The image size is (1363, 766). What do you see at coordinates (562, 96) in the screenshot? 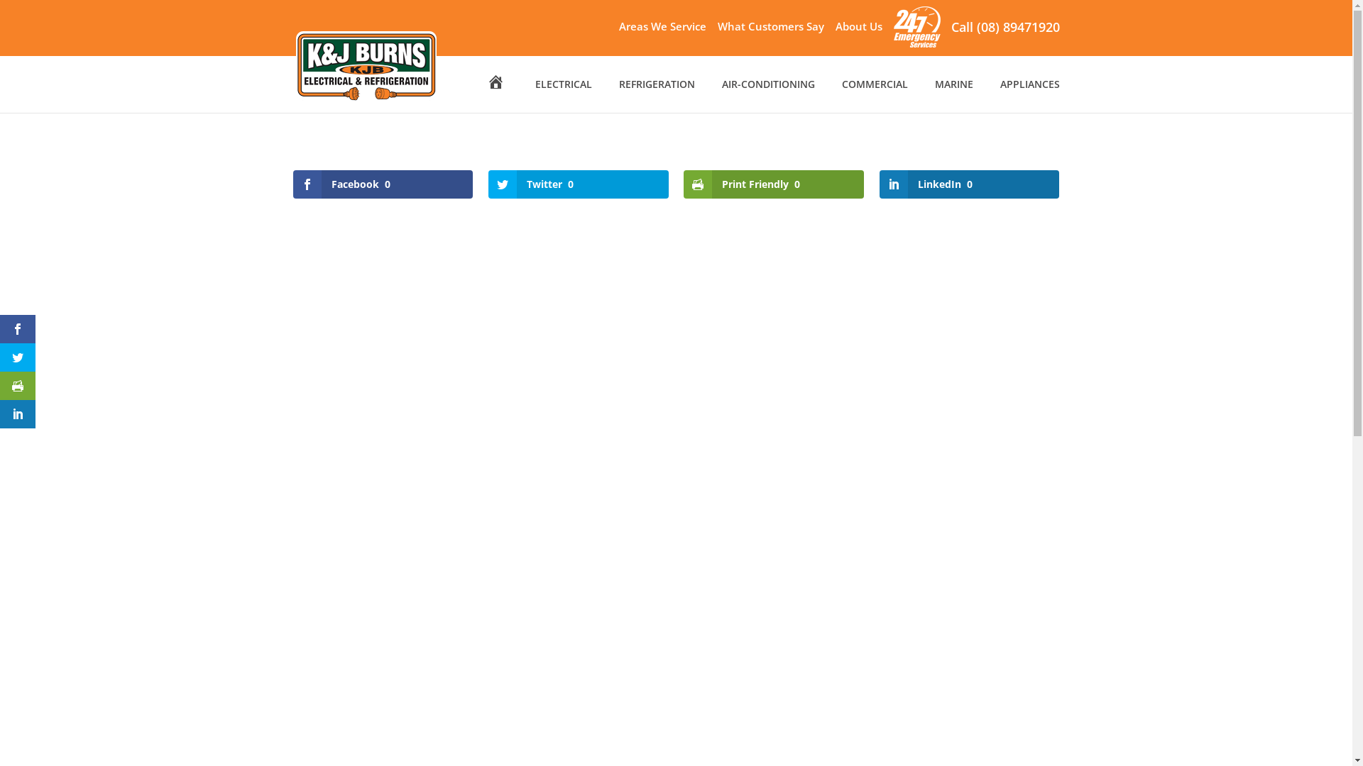
I see `'ELECTRICAL'` at bounding box center [562, 96].